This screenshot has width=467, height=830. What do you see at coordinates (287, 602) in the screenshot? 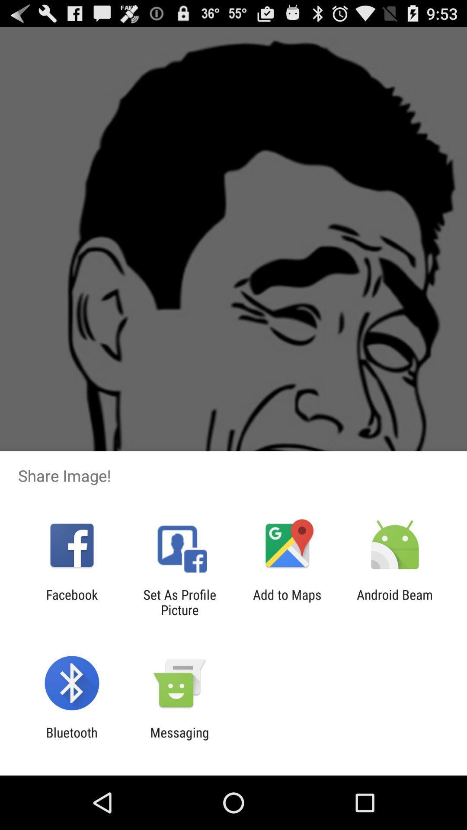
I see `the item next to the set as profile icon` at bounding box center [287, 602].